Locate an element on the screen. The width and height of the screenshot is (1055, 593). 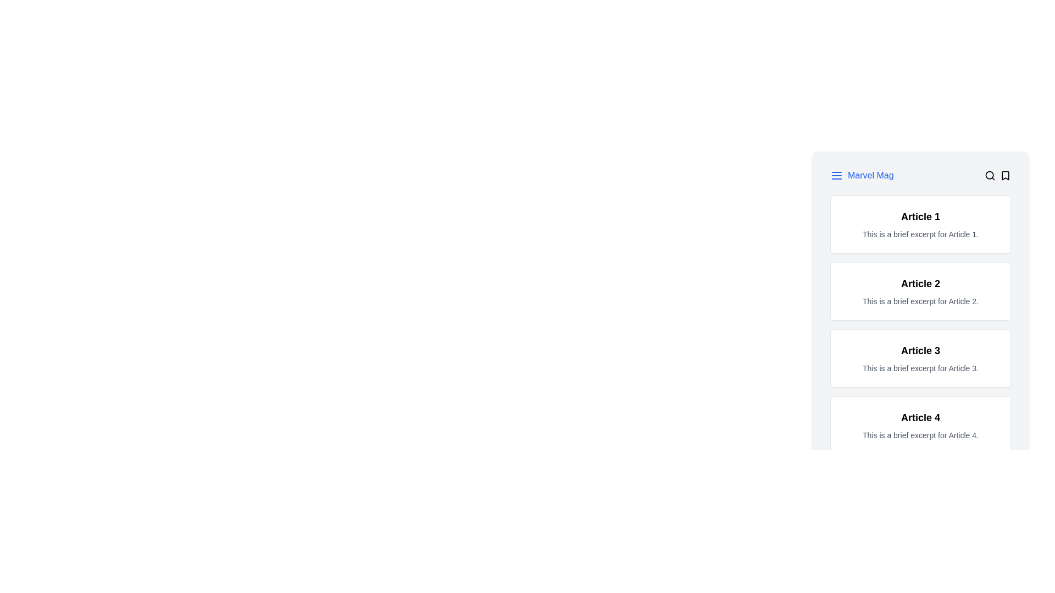
the search or bookmark icon in the icon group located at the far-right side of the top horizontal bar, positioned after the title 'Marvel Mag' and the initial menu icon is located at coordinates (997, 175).